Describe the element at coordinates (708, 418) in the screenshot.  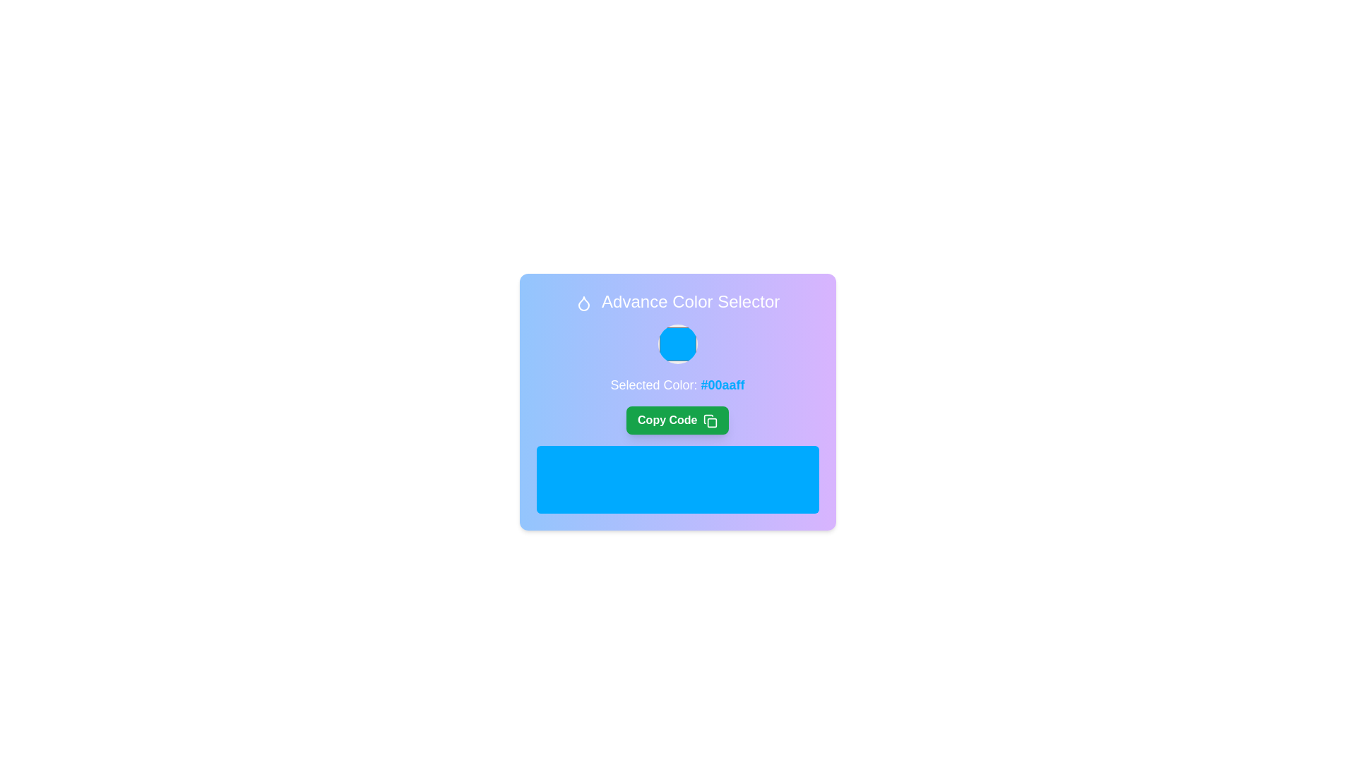
I see `the graphic icon representing a page-like shape with rounded edges, which is part of the 'lucide-copy' SVG element and located at the bottom-right corner of the card with the 'Copy Code' button` at that location.